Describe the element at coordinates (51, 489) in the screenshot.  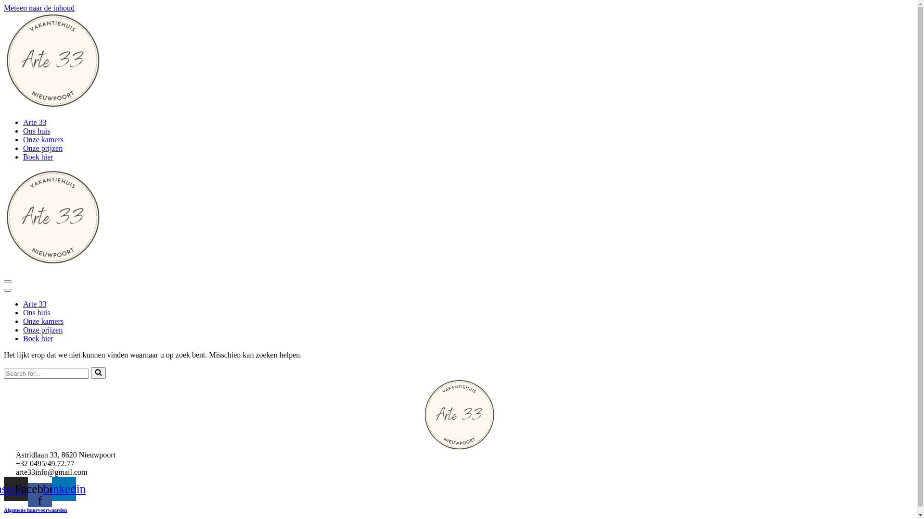
I see `'Linkedin'` at that location.